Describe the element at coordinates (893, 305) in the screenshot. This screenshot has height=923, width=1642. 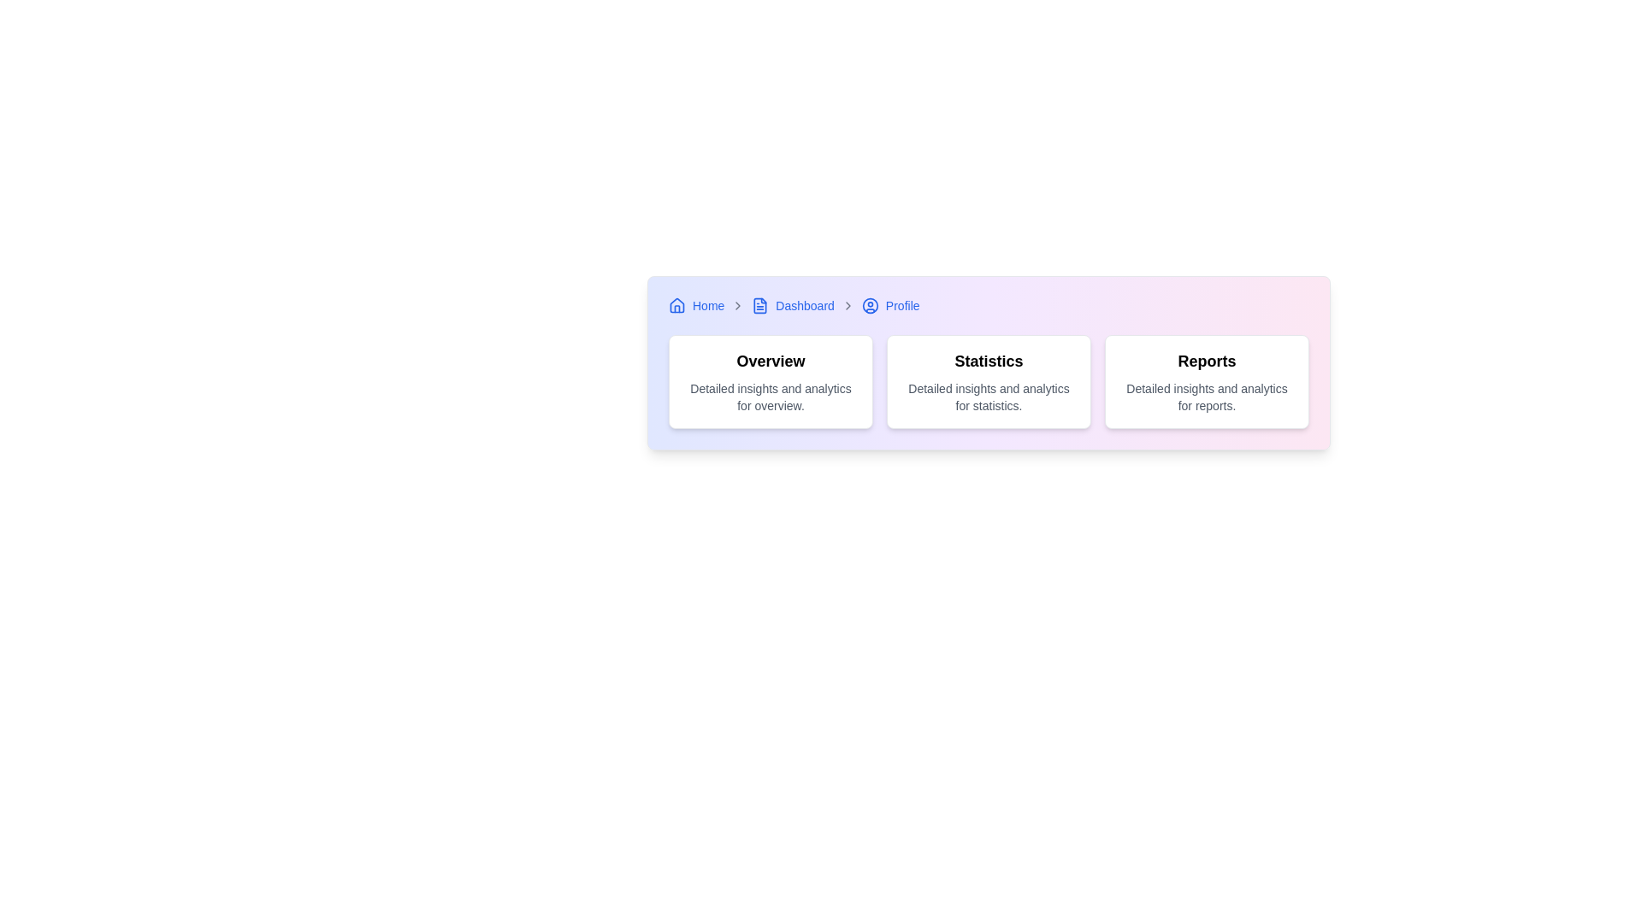
I see `the 'Profile' breadcrumb link, which is the third item in the breadcrumb navigation trail` at that location.